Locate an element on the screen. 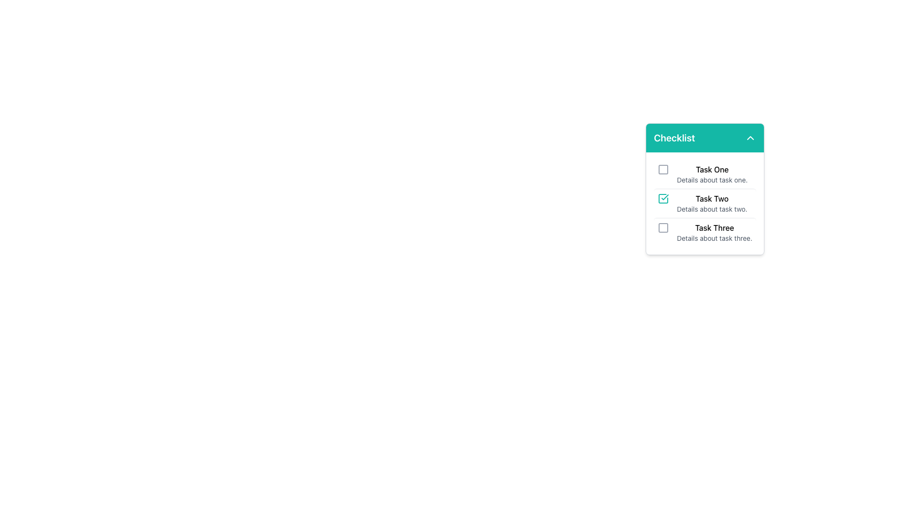 This screenshot has height=516, width=919. the 'Checklist' text label, which is styled in a large, bold font and is located in the header area of the checklist interface is located at coordinates (674, 138).